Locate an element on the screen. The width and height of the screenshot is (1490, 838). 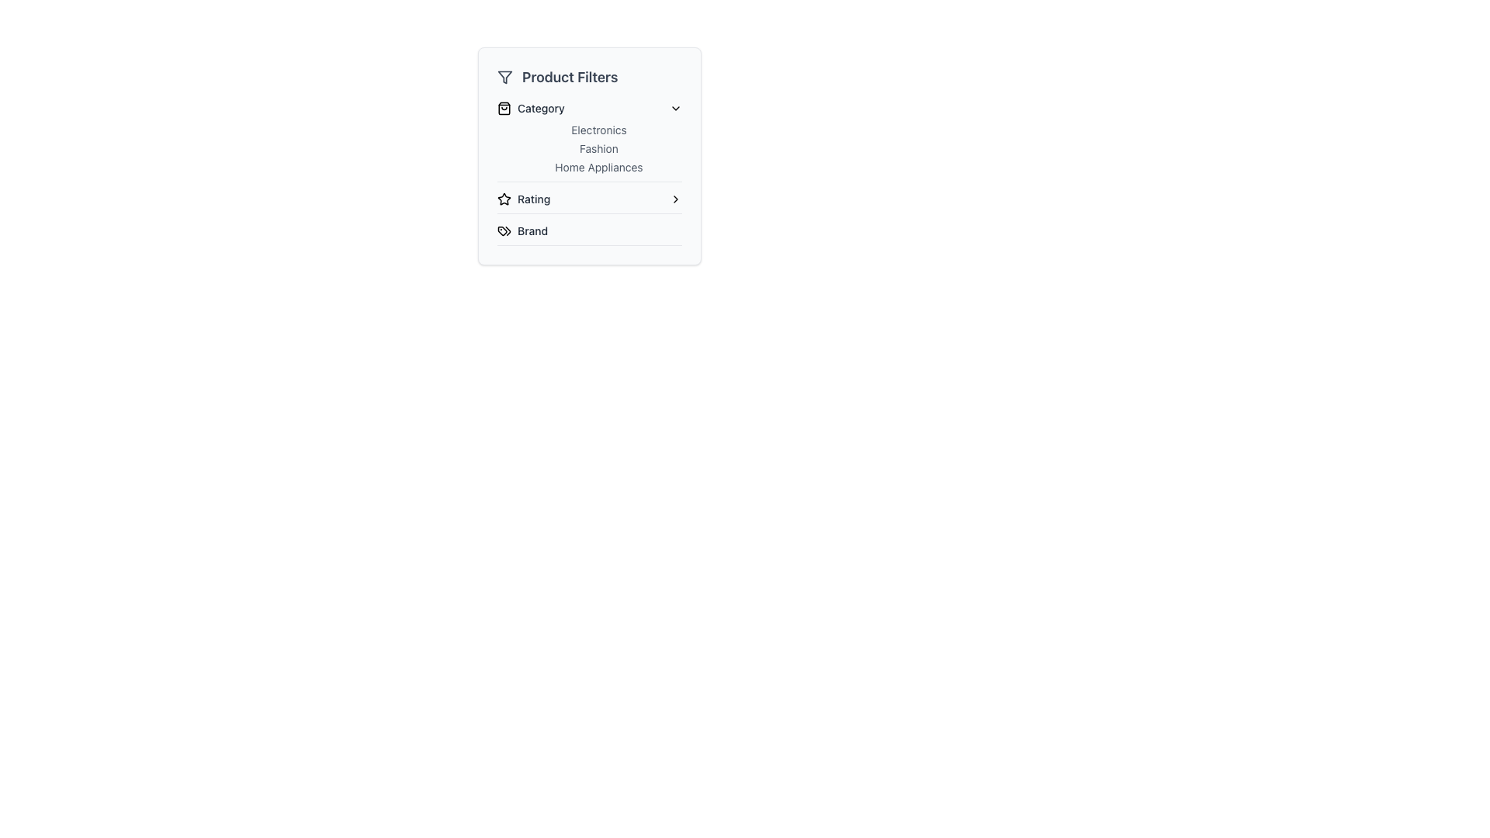
the 'Category' dropdown in the 'Product Filters' section is located at coordinates (588, 141).